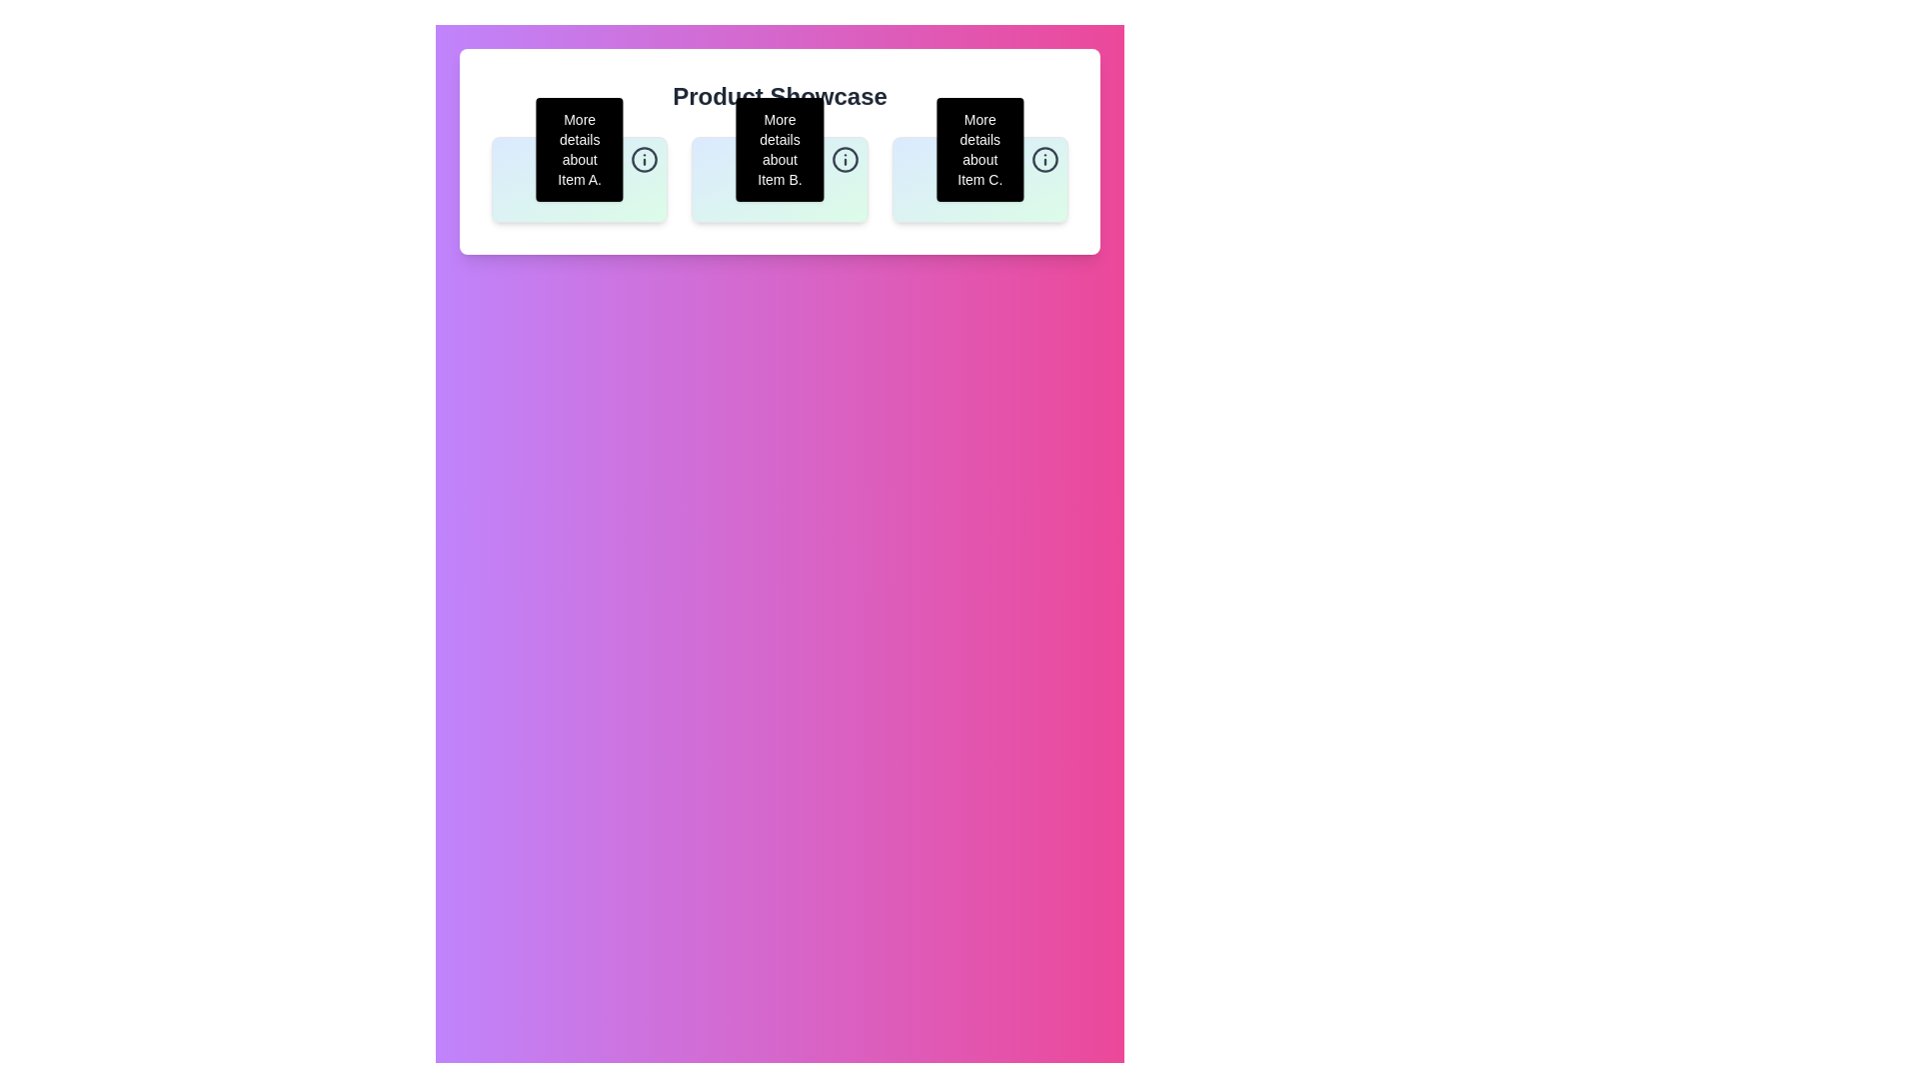 This screenshot has height=1079, width=1919. What do you see at coordinates (579, 175) in the screenshot?
I see `the text label that identifies the content of the first card in a horizontally aligned group of similar cards` at bounding box center [579, 175].